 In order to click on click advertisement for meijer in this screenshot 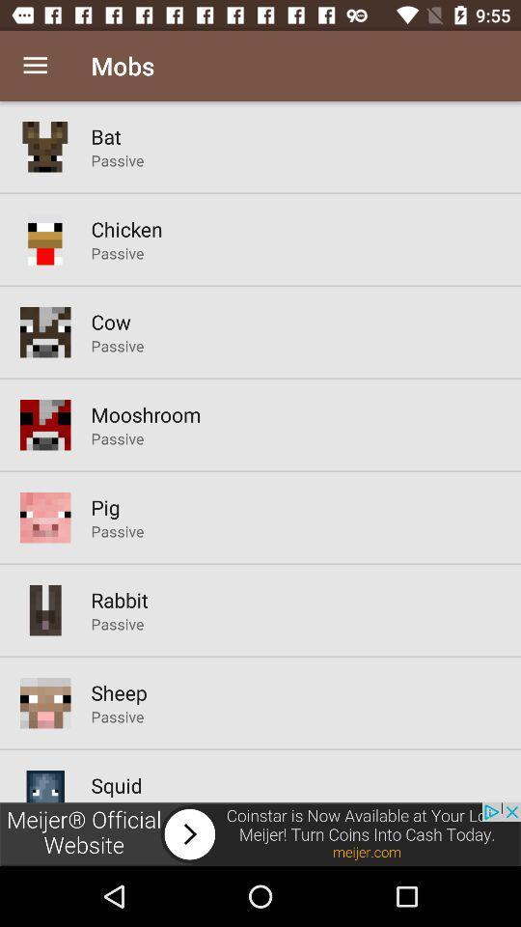, I will do `click(260, 833)`.